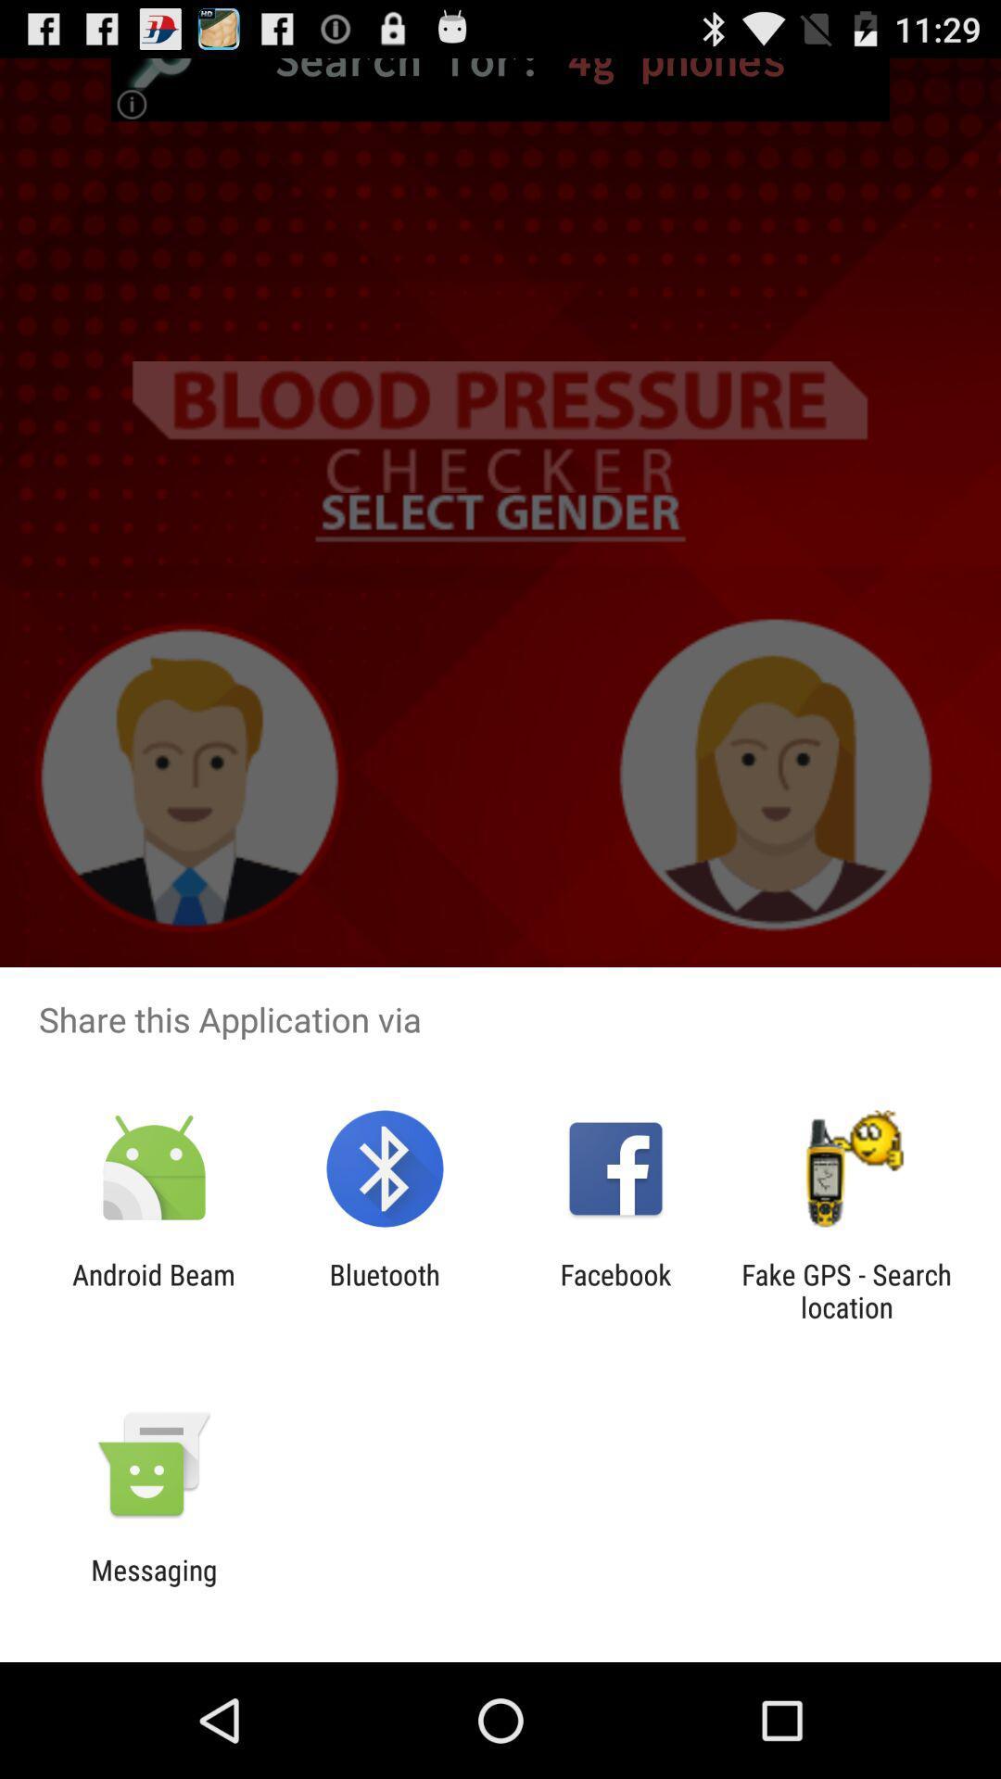 The image size is (1001, 1779). Describe the element at coordinates (153, 1585) in the screenshot. I see `the messaging icon` at that location.